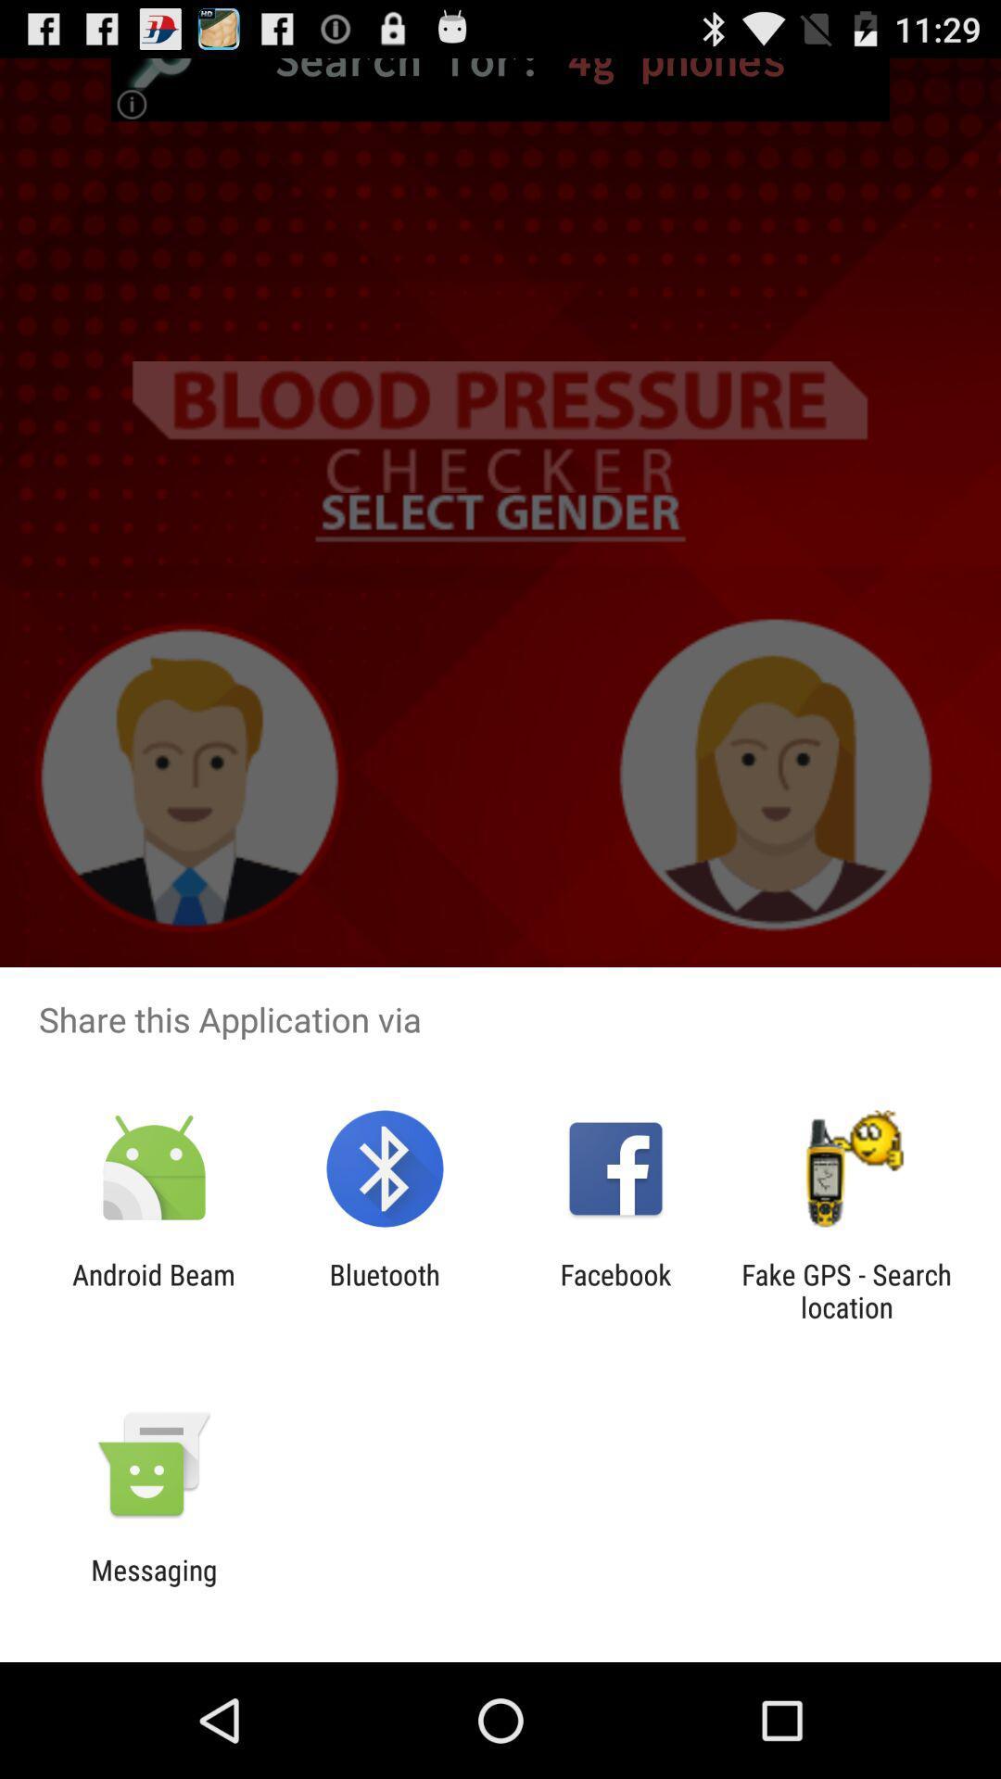 The image size is (1001, 1779). Describe the element at coordinates (153, 1585) in the screenshot. I see `the messaging icon` at that location.